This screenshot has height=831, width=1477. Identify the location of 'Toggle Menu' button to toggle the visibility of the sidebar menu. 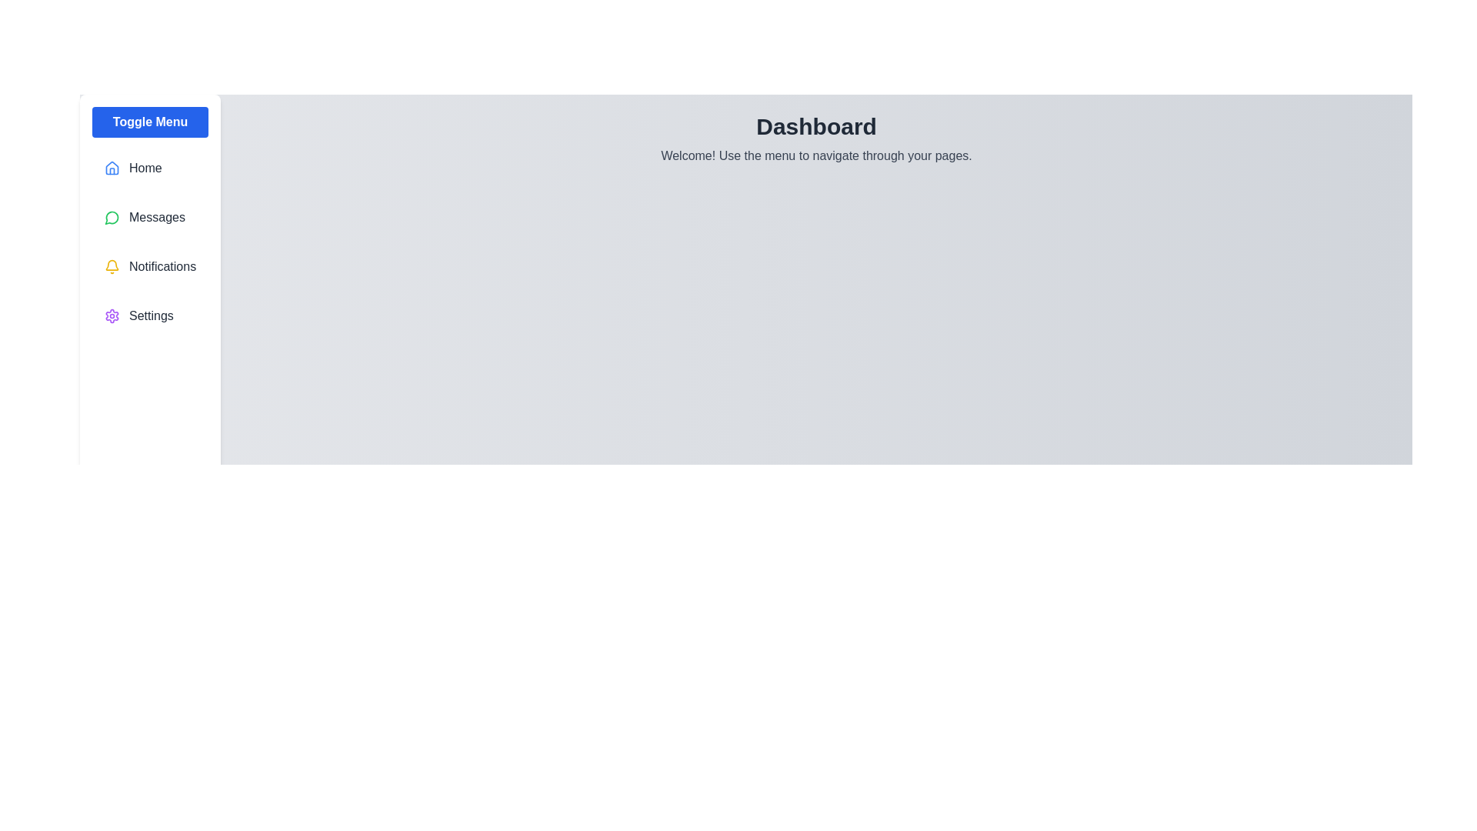
(150, 121).